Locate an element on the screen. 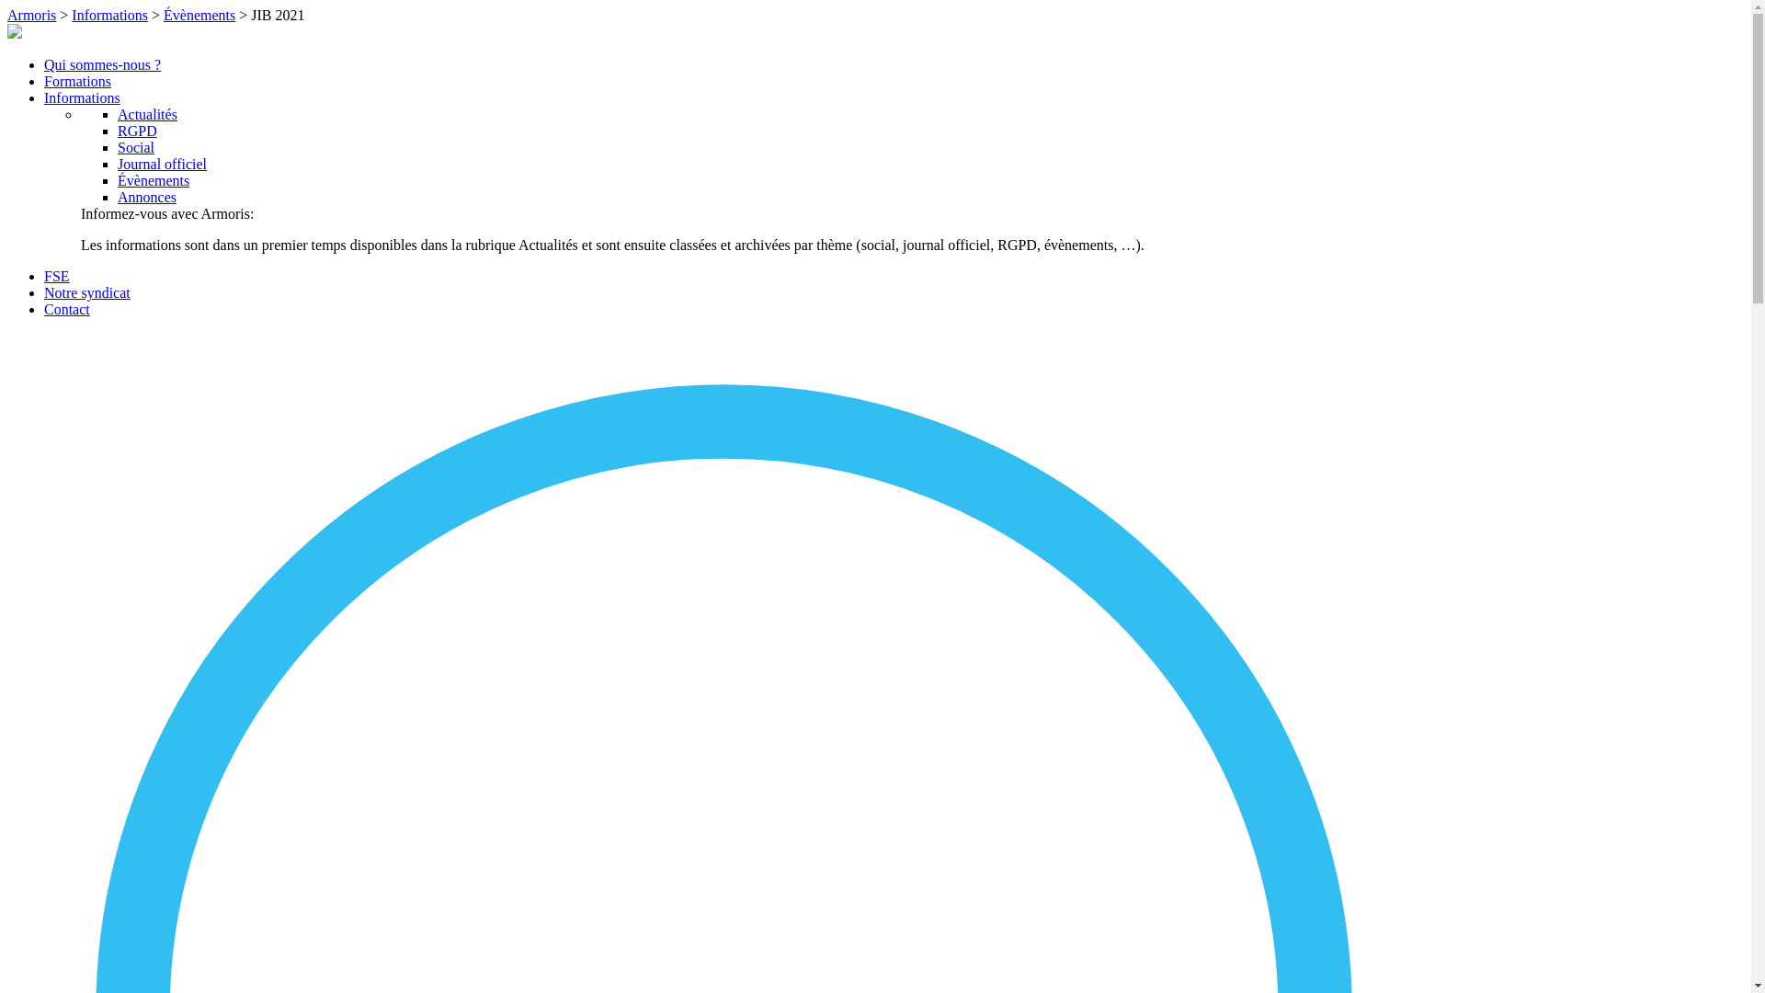 The height and width of the screenshot is (993, 1765). 'Qui sommes-nous ?' is located at coordinates (101, 63).